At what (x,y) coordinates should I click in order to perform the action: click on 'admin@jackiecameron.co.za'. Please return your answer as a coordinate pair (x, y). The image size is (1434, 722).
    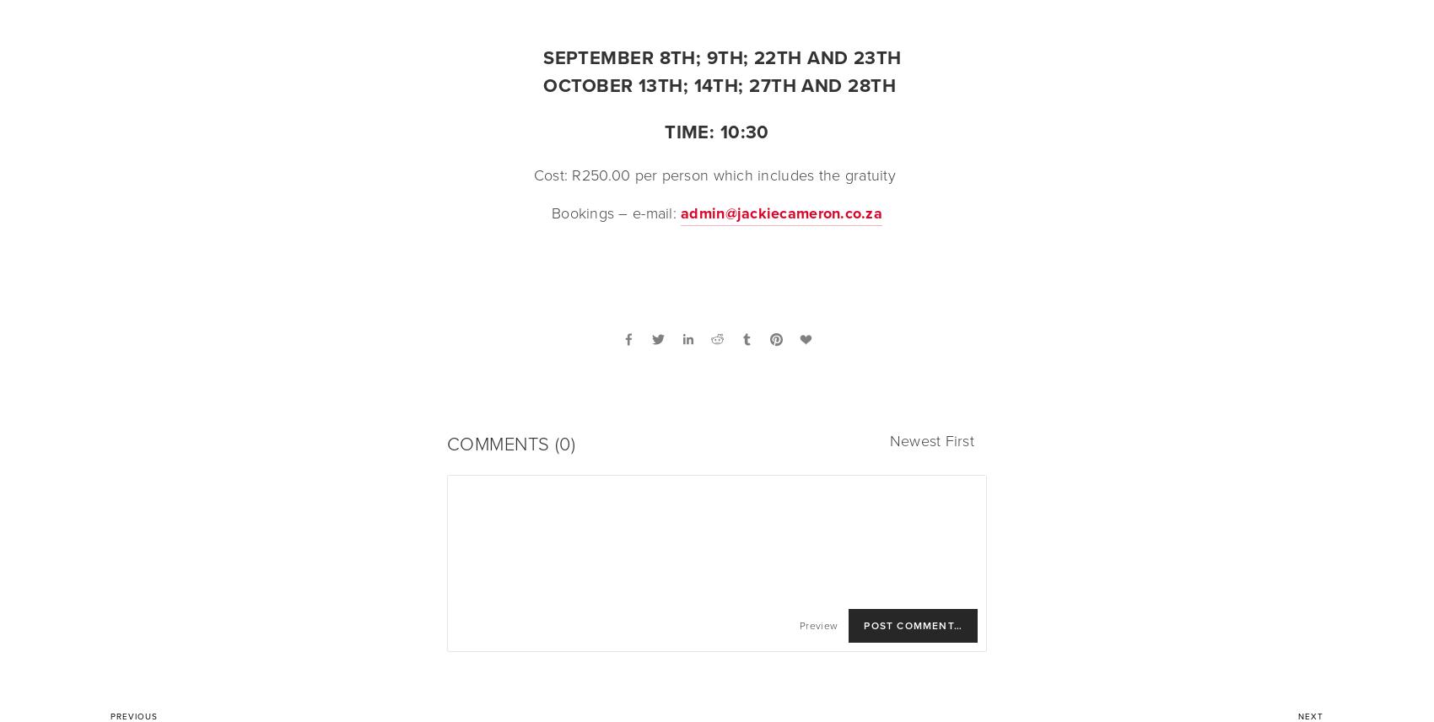
    Looking at the image, I should click on (679, 213).